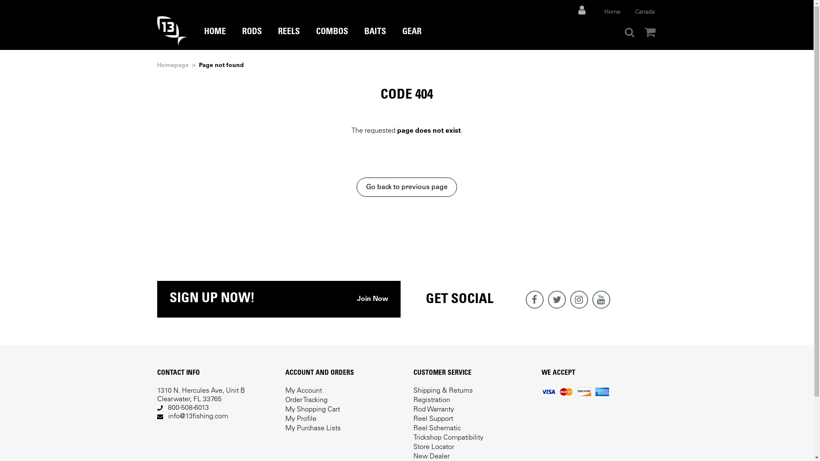  I want to click on 'Go back to previous page', so click(406, 187).